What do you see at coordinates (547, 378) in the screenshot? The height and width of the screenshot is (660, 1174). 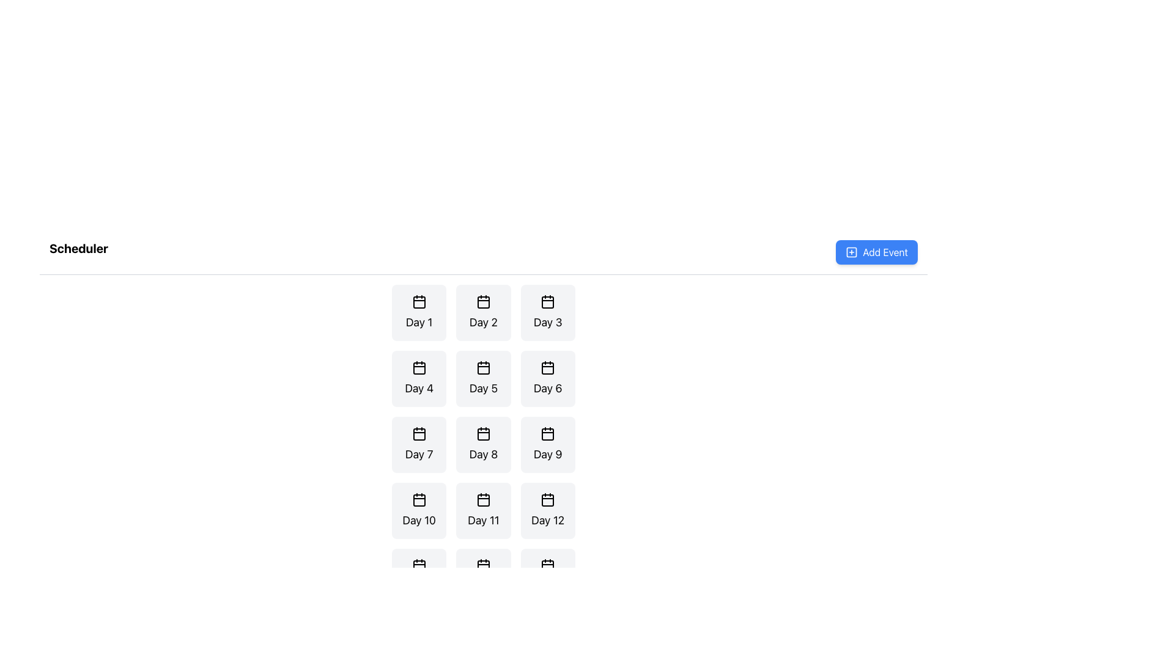 I see `the button representing Day 6 in the scheduling interface` at bounding box center [547, 378].